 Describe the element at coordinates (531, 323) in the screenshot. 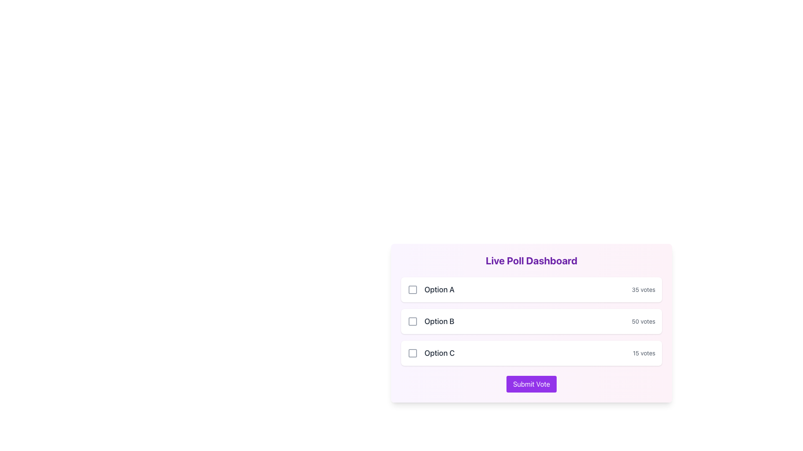

I see `the second list item` at that location.